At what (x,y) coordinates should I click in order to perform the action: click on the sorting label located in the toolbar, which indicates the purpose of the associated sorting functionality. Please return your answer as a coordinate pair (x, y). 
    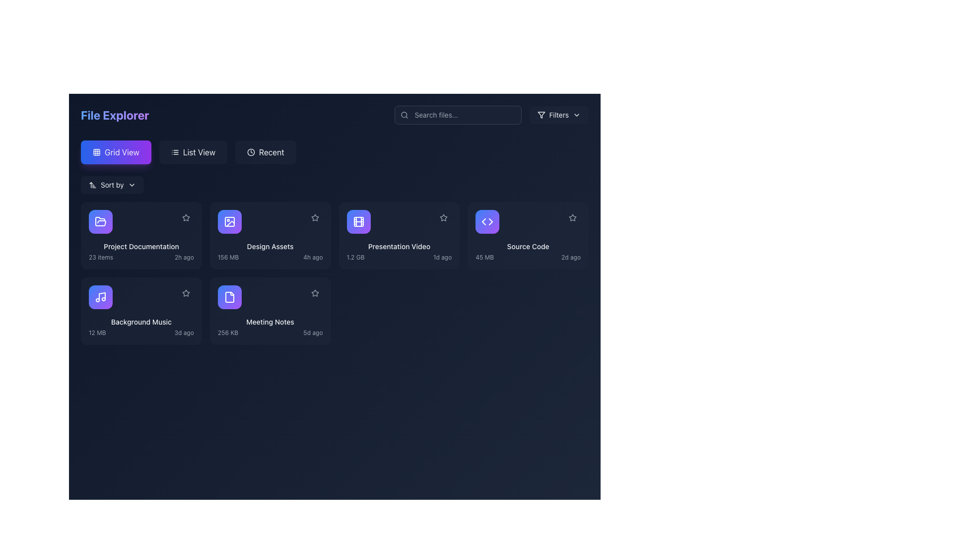
    Looking at the image, I should click on (112, 185).